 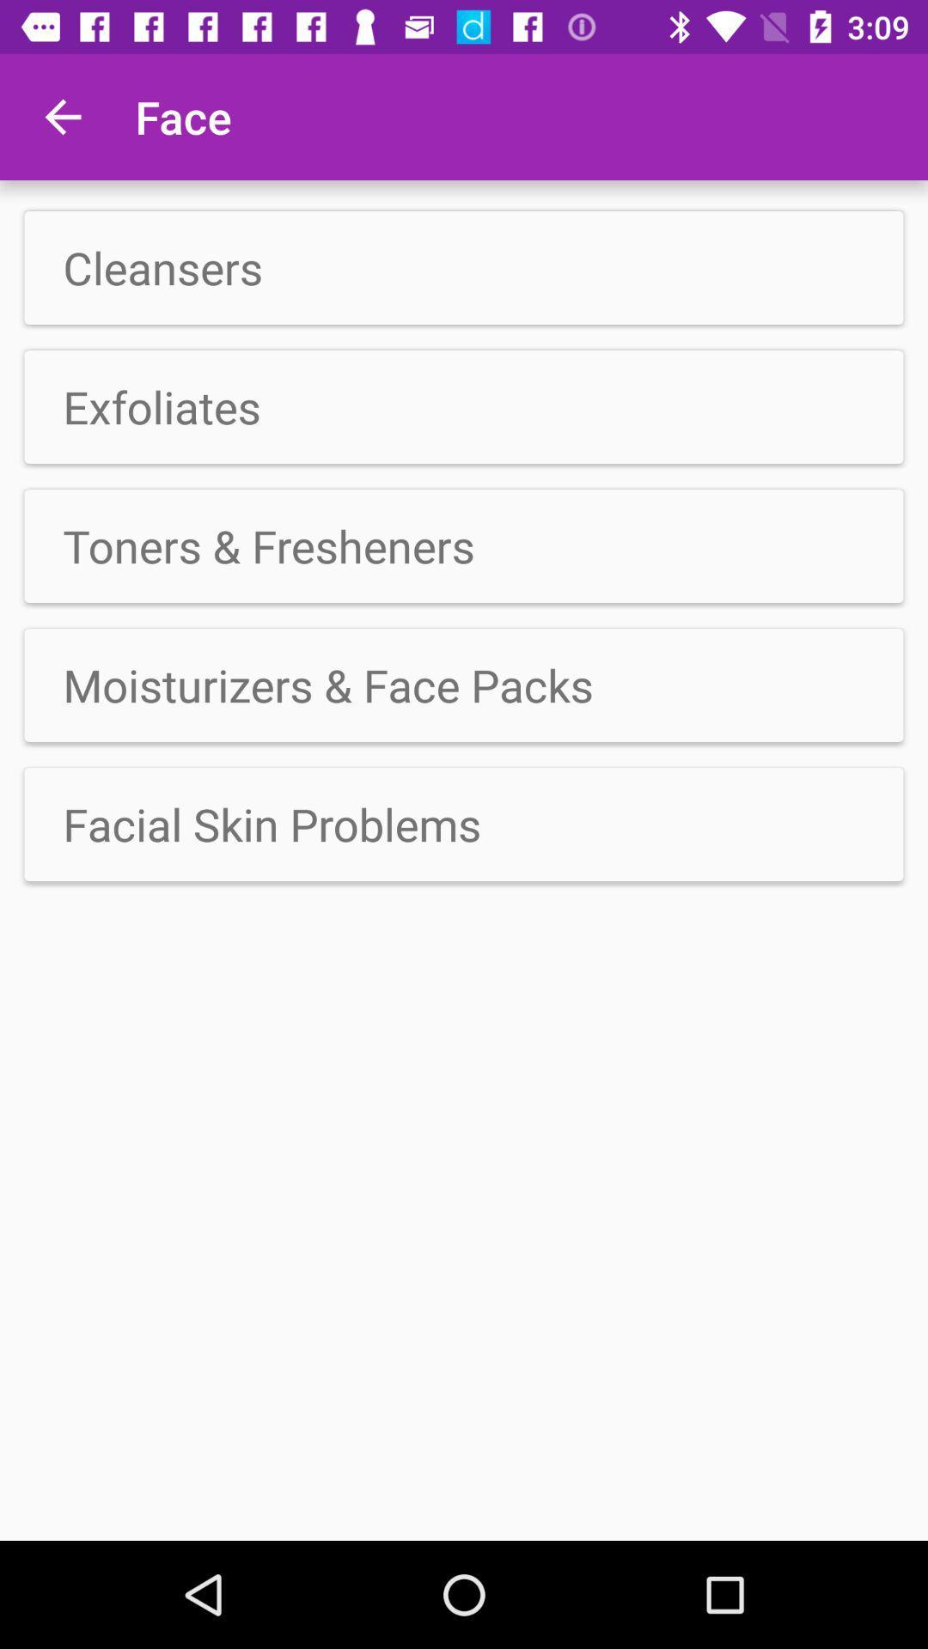 What do you see at coordinates (62, 116) in the screenshot?
I see `the icon next to the face app` at bounding box center [62, 116].